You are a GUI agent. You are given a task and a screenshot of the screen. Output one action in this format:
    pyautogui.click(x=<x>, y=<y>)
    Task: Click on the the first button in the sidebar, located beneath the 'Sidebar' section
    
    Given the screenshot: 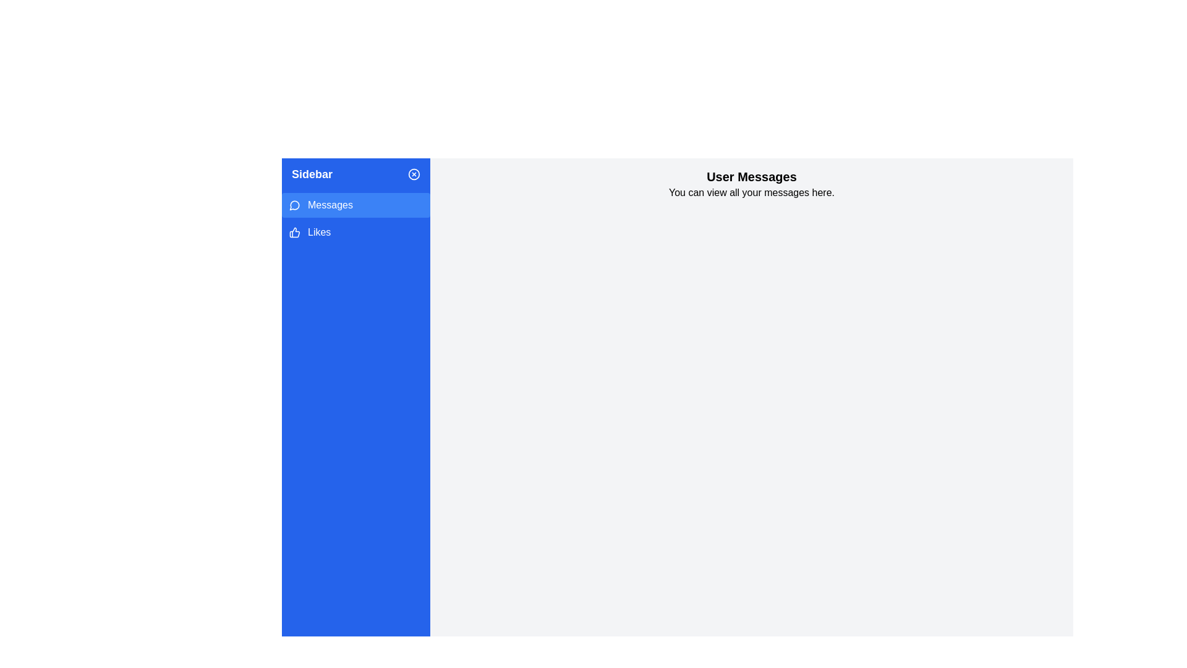 What is the action you would take?
    pyautogui.click(x=355, y=218)
    